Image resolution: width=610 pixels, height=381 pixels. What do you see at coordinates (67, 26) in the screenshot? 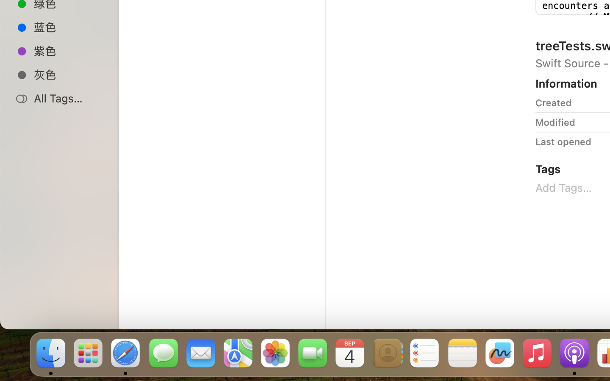
I see `'蓝色'` at bounding box center [67, 26].